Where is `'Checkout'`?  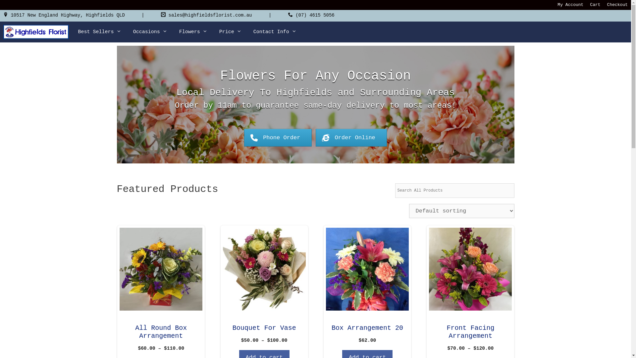
'Checkout' is located at coordinates (617, 5).